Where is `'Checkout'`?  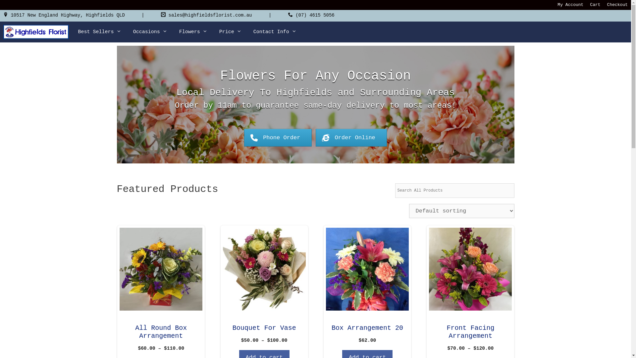
'Checkout' is located at coordinates (617, 5).